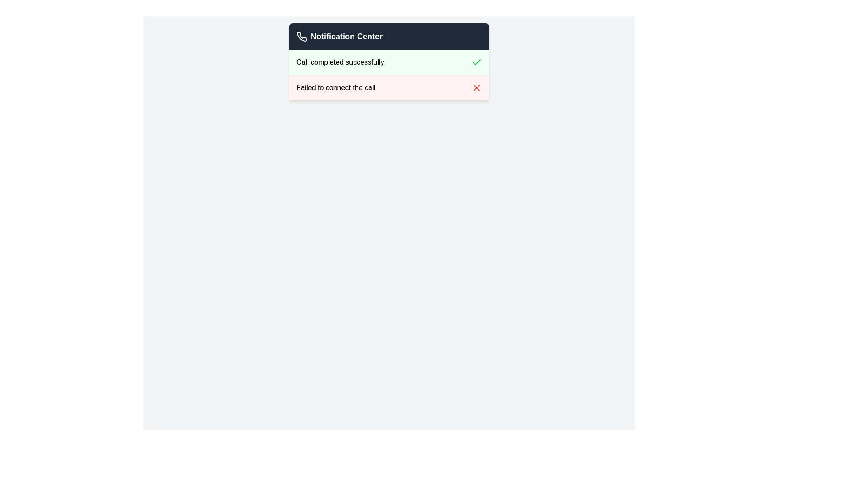 The image size is (857, 482). What do you see at coordinates (389, 87) in the screenshot?
I see `the error notification box that indicates a failed call connection attempt, located directly below the 'Call completed successfully' notification in the notification panel` at bounding box center [389, 87].